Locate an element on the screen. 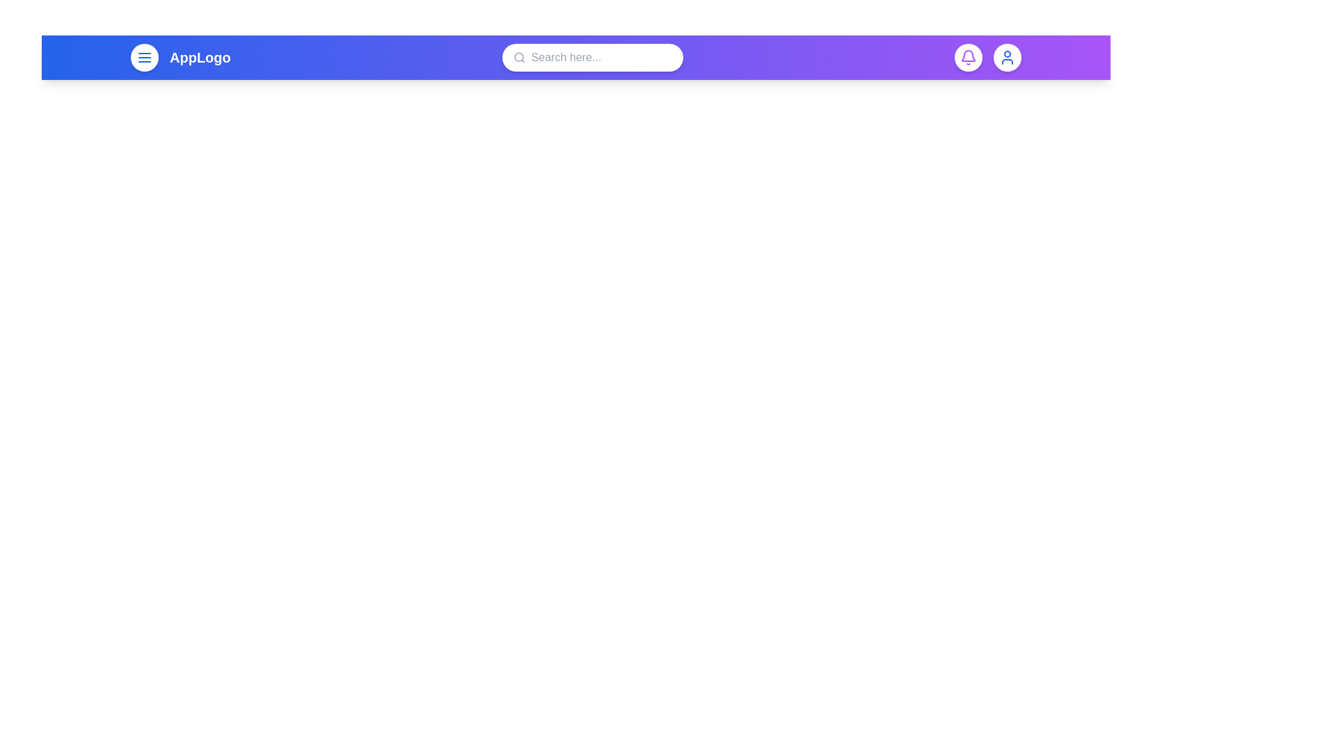  the menu button to open the menu is located at coordinates (144, 57).